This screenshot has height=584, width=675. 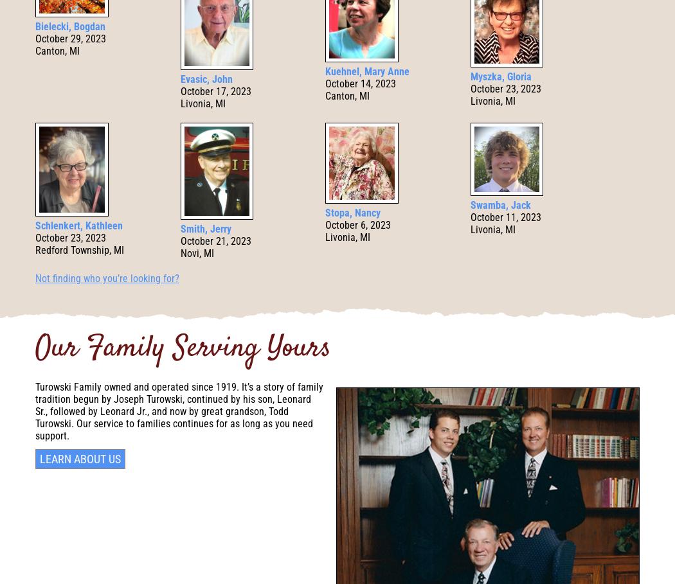 What do you see at coordinates (35, 349) in the screenshot?
I see `'Our Family Serving Yours'` at bounding box center [35, 349].